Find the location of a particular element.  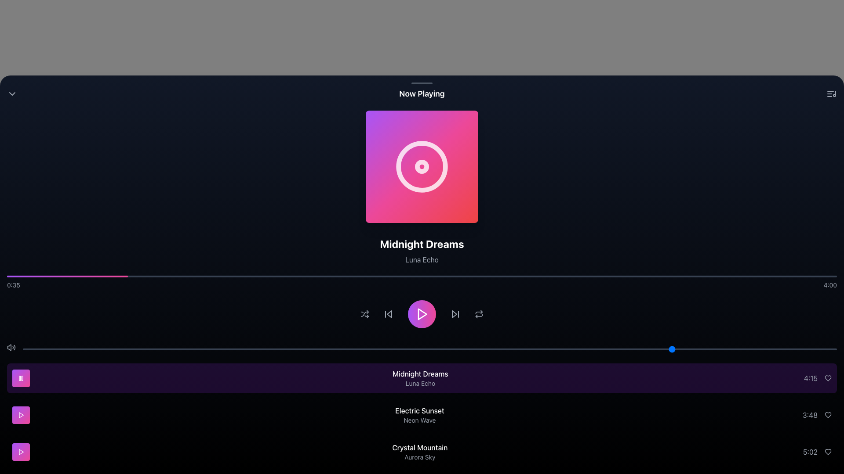

the 'Play' icon, which is the third square button in the playback control panel on the left side of the audio player interface is located at coordinates (21, 415).